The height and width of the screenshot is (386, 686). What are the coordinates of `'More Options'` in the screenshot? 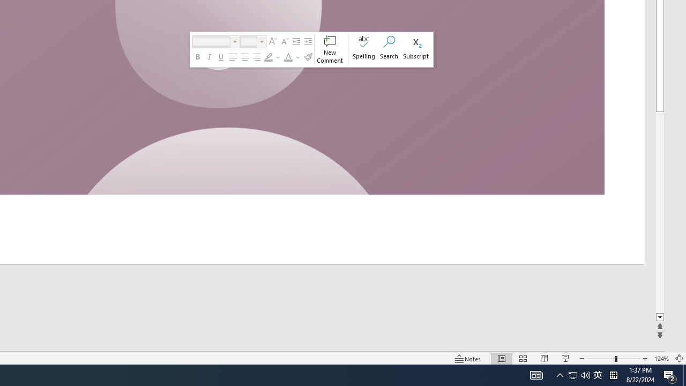 It's located at (298, 57).